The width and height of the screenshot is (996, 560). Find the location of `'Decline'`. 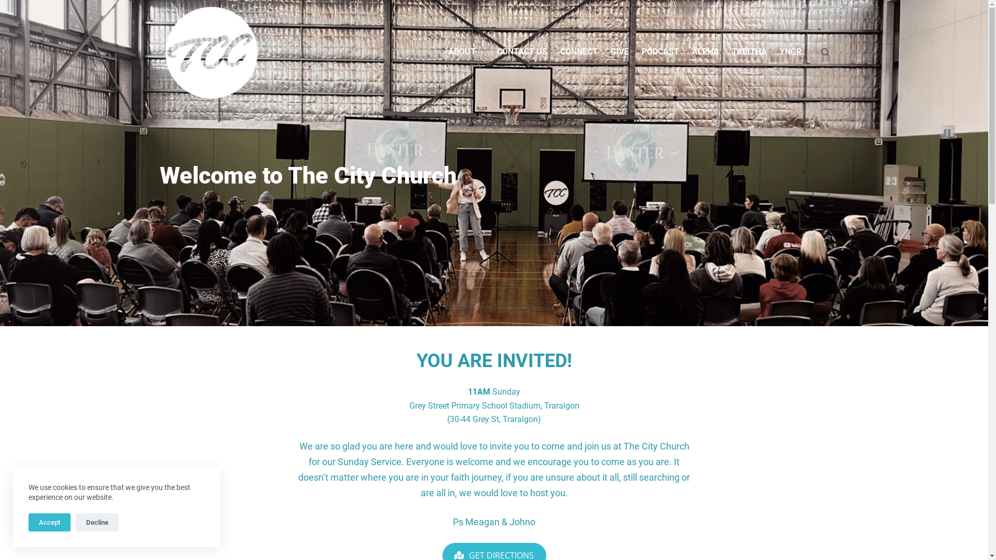

'Decline' is located at coordinates (97, 522).